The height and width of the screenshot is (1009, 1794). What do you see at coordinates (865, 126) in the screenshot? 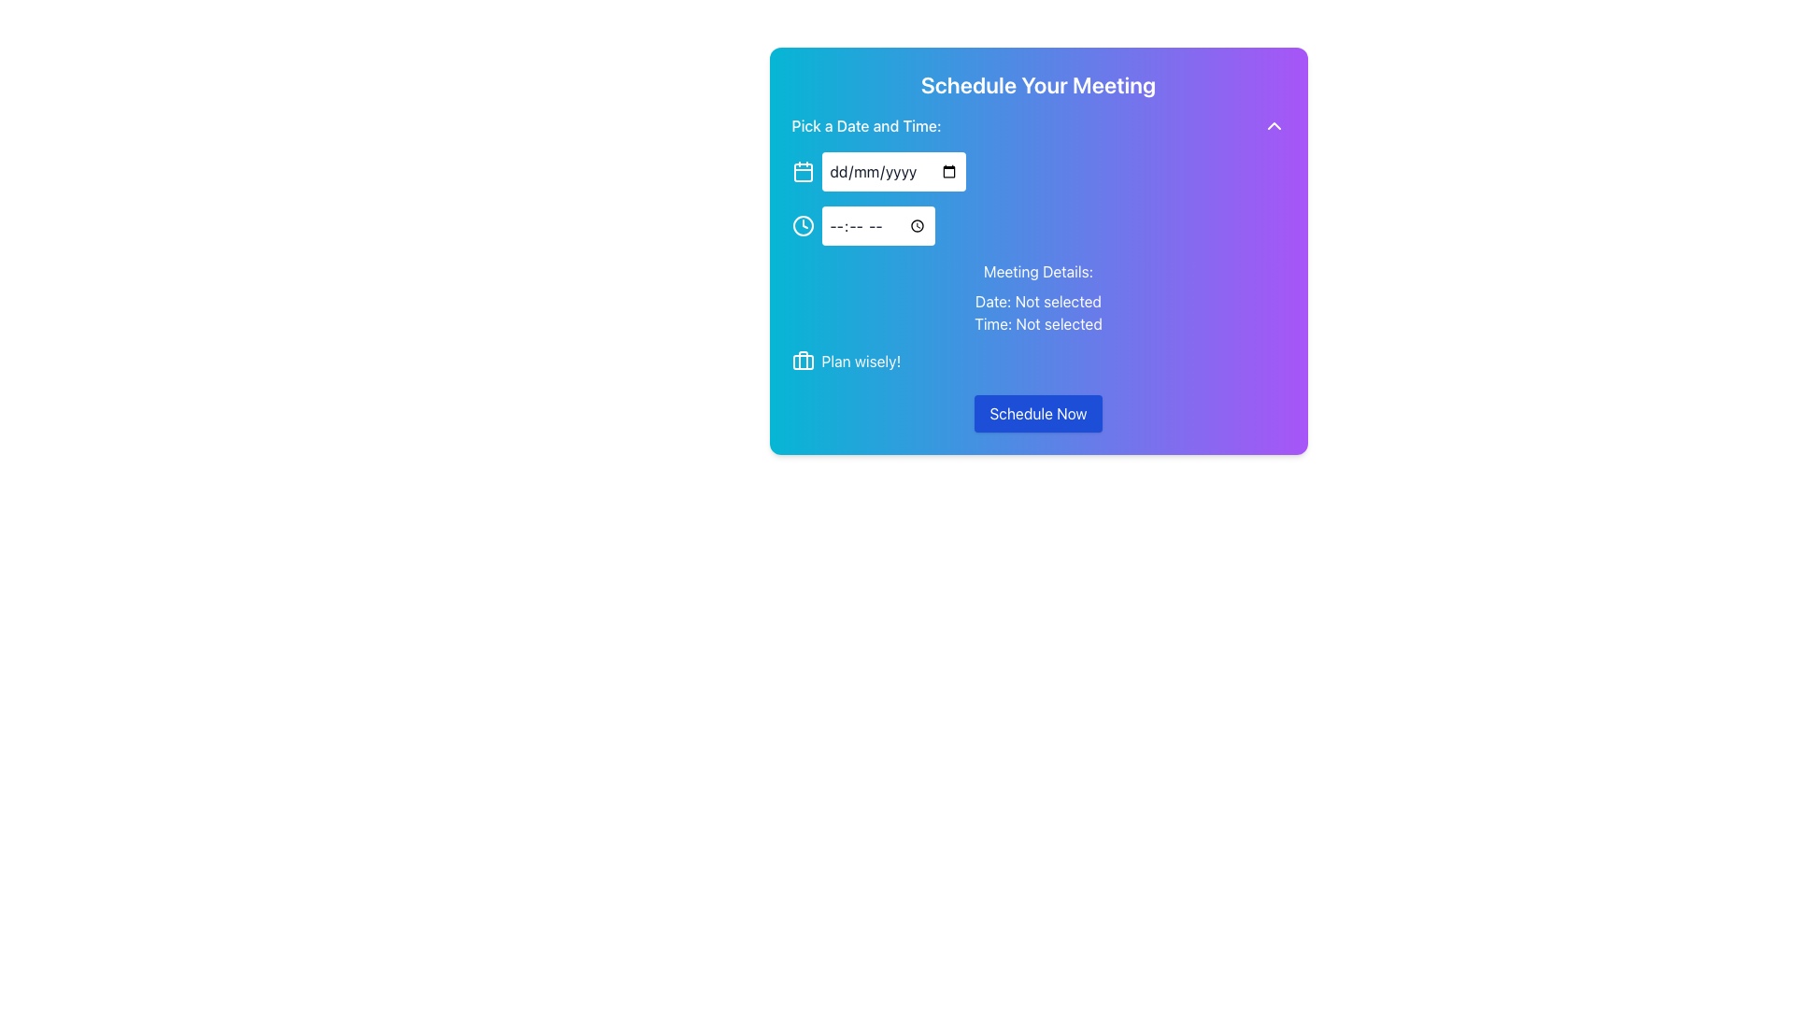
I see `the text label that reads 'Pick a Date and Time:' which is styled with a medium font weight and is located in the top left corner of the 'Schedule Your Meeting' card` at bounding box center [865, 126].